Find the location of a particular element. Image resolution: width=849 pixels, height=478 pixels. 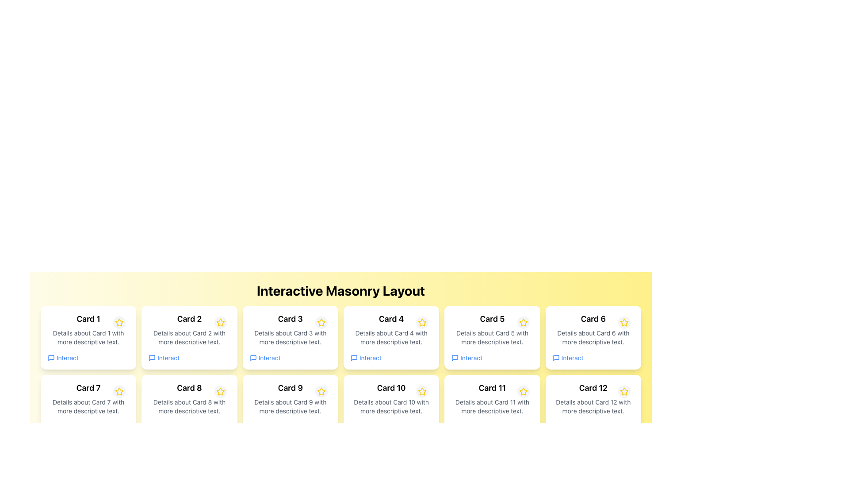

the star icon located on the Card 3 UI component, which is the third card in the grid layout, to rate or bookmark it is located at coordinates (290, 338).